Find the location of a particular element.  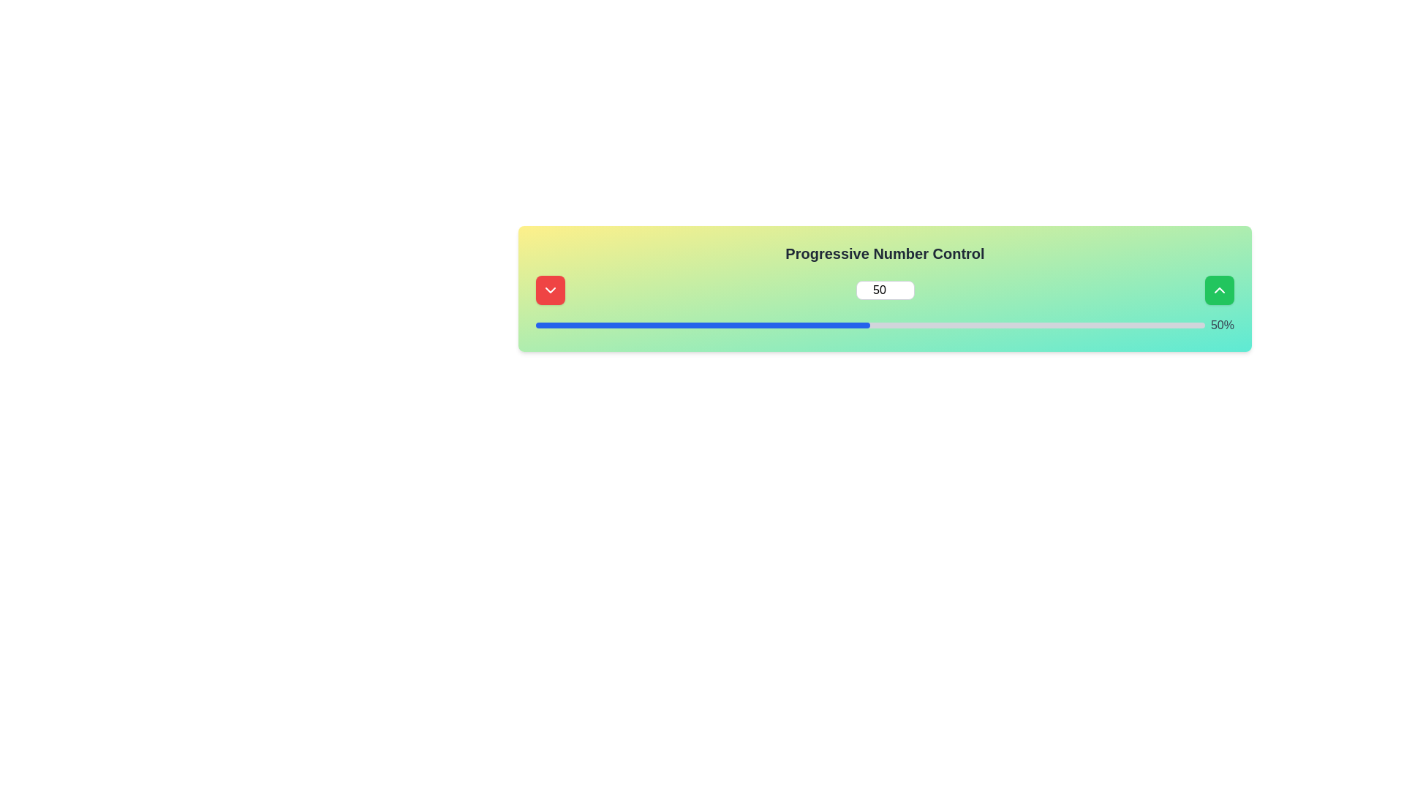

the slider value is located at coordinates (815, 324).